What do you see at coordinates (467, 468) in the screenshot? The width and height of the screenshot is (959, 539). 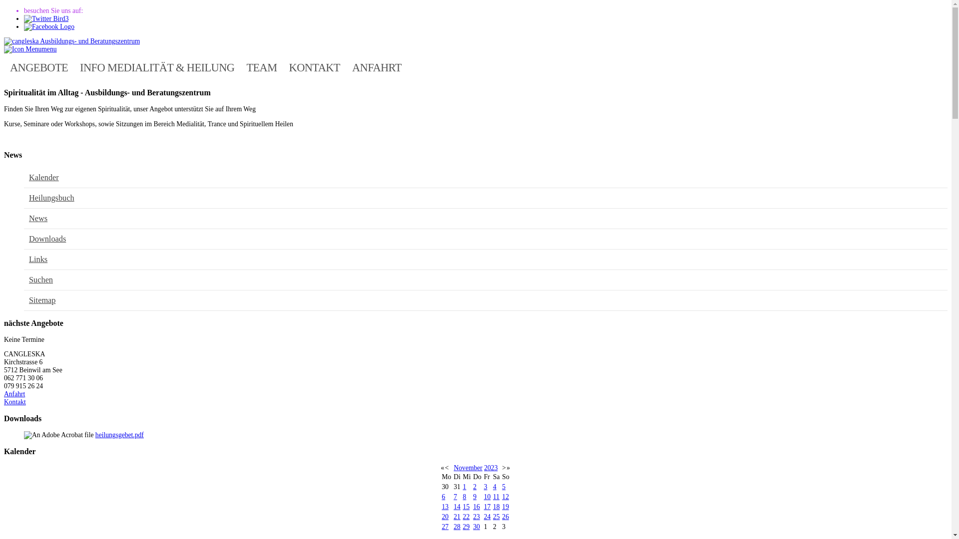 I see `'November'` at bounding box center [467, 468].